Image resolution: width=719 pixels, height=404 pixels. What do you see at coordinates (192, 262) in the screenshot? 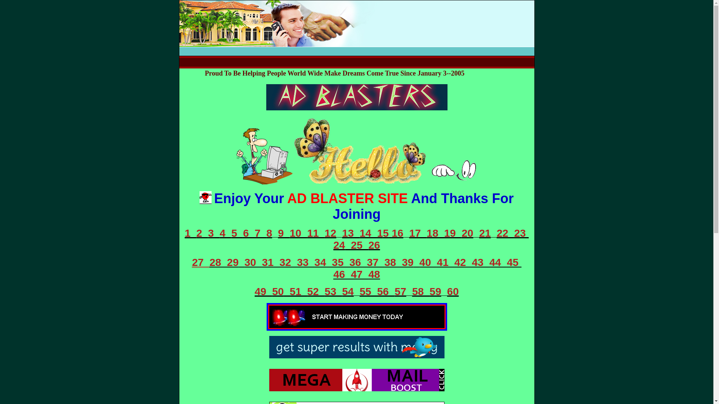
I see `'27 '` at bounding box center [192, 262].